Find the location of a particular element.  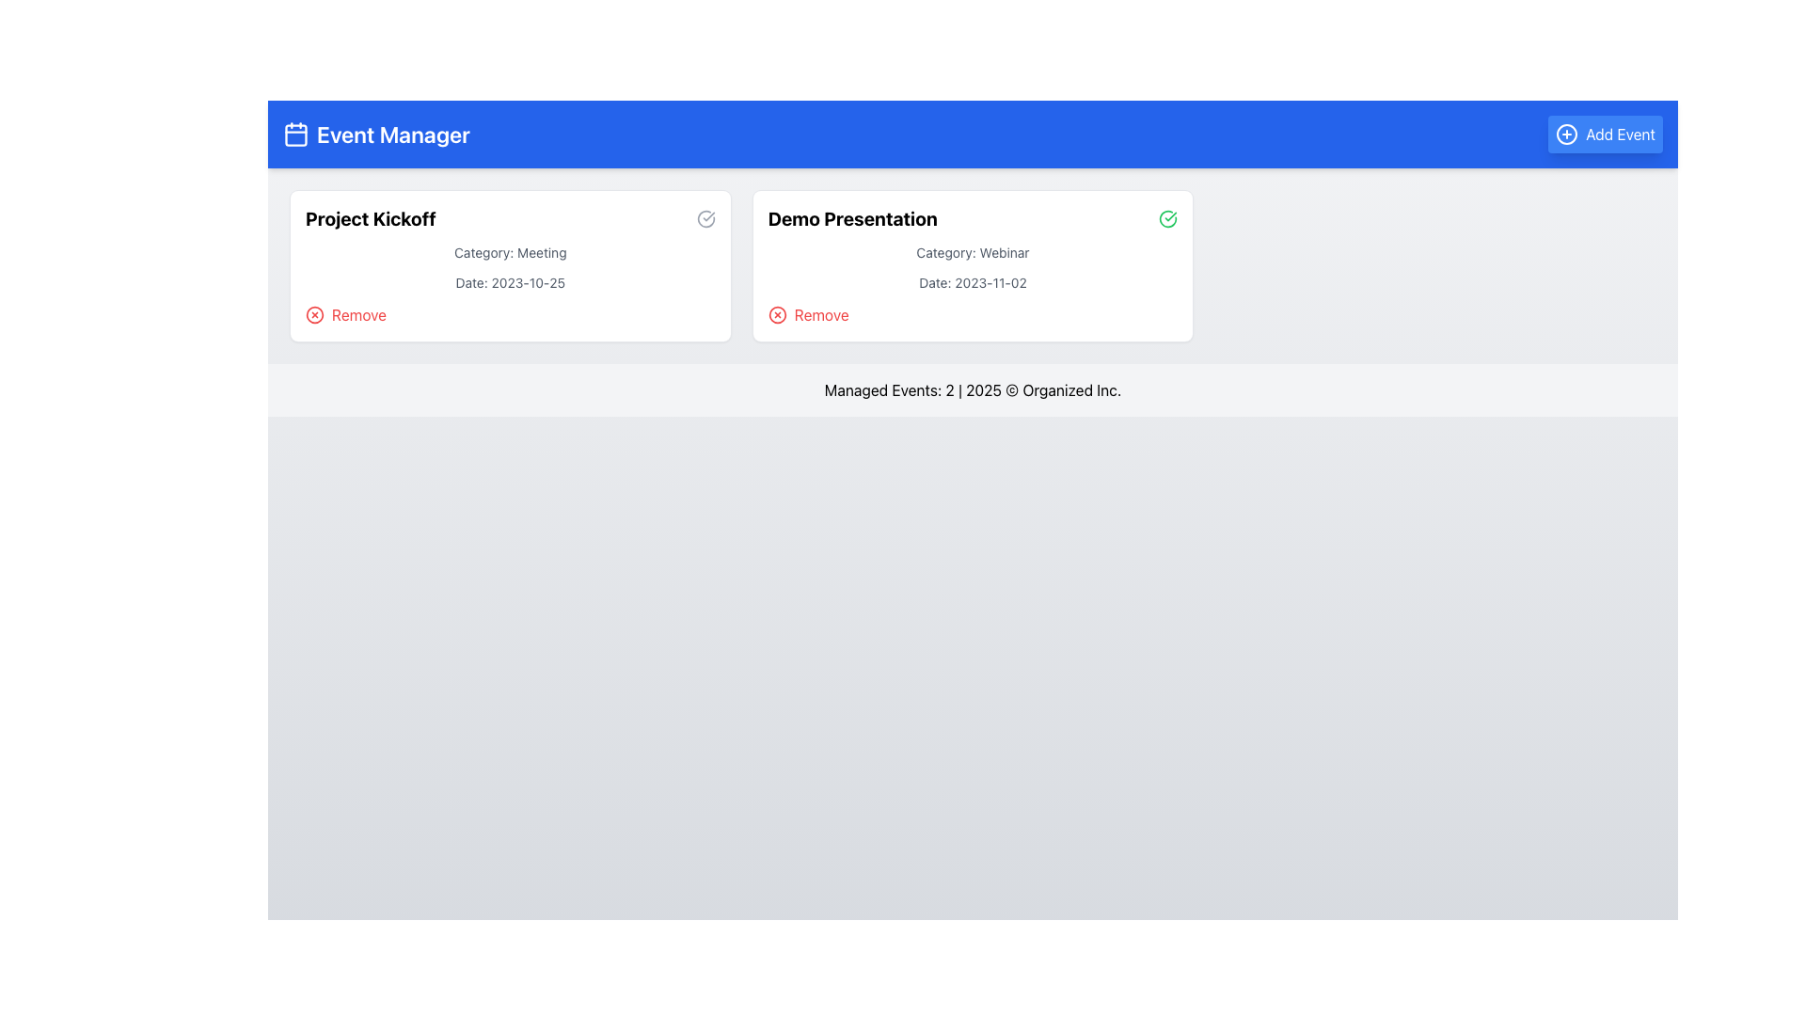

on the 'Project Kickoff' text label, which is bold and centrally positioned in the top-left card of the layout is located at coordinates (371, 217).